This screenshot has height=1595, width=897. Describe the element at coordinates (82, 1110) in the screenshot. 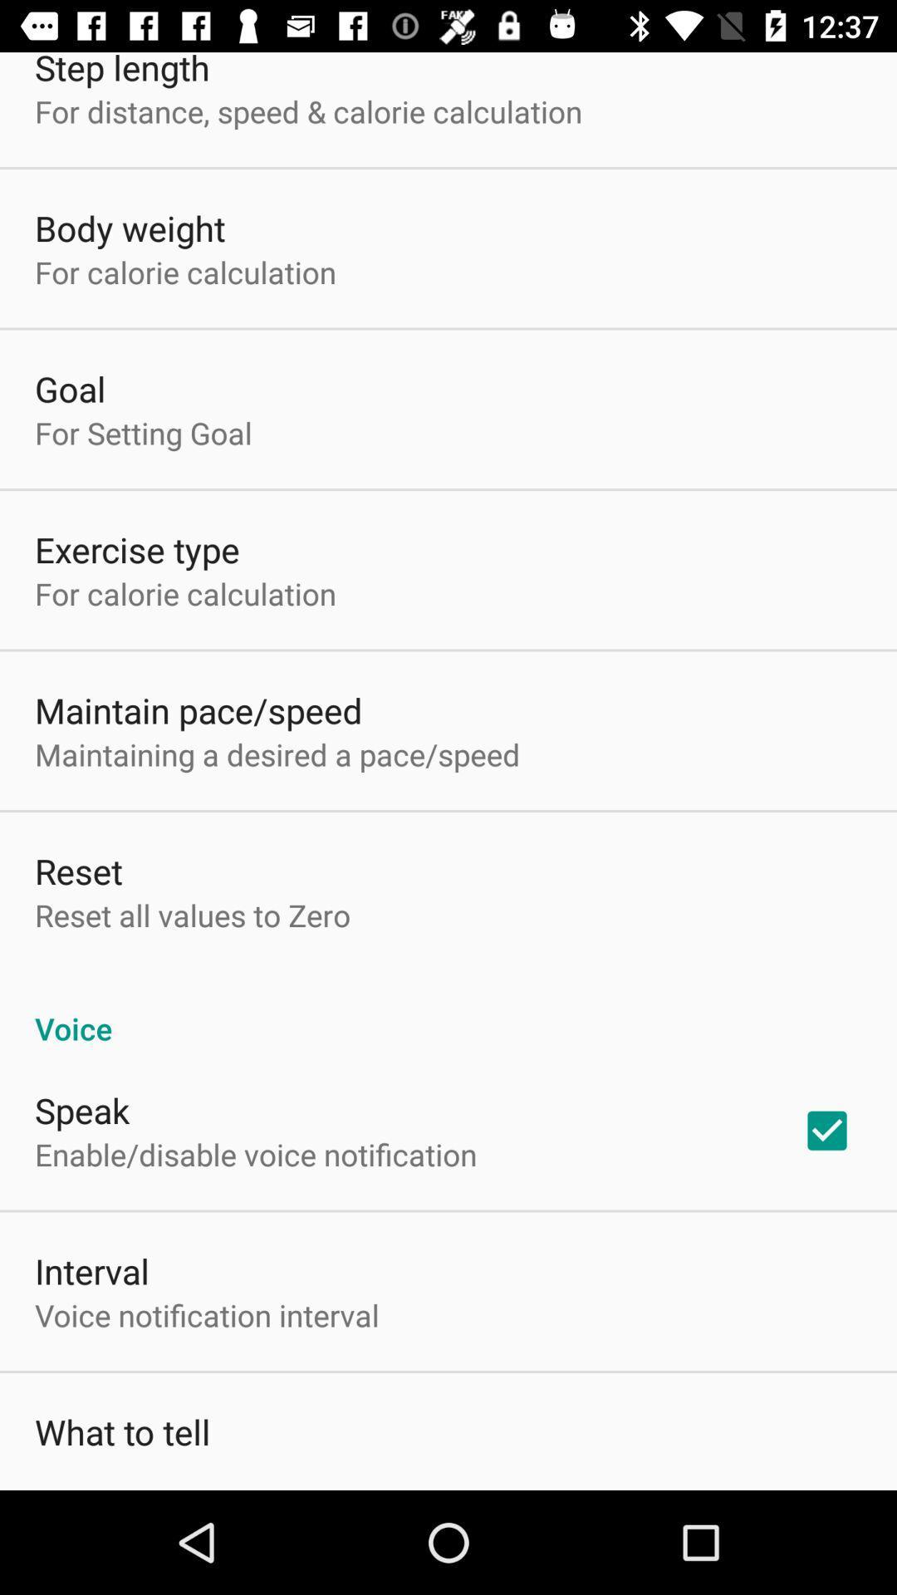

I see `item above the enable disable voice app` at that location.